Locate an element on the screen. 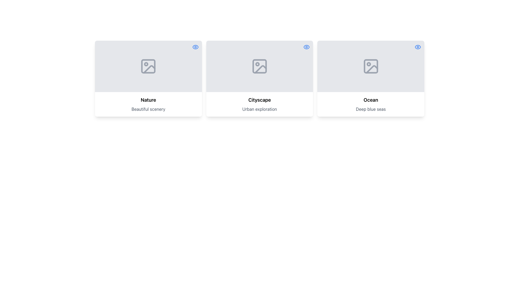  the text label 'Deep blue seas', which is styled in subdued gray color and located below the title 'Ocean' in the third card from the left is located at coordinates (370, 109).